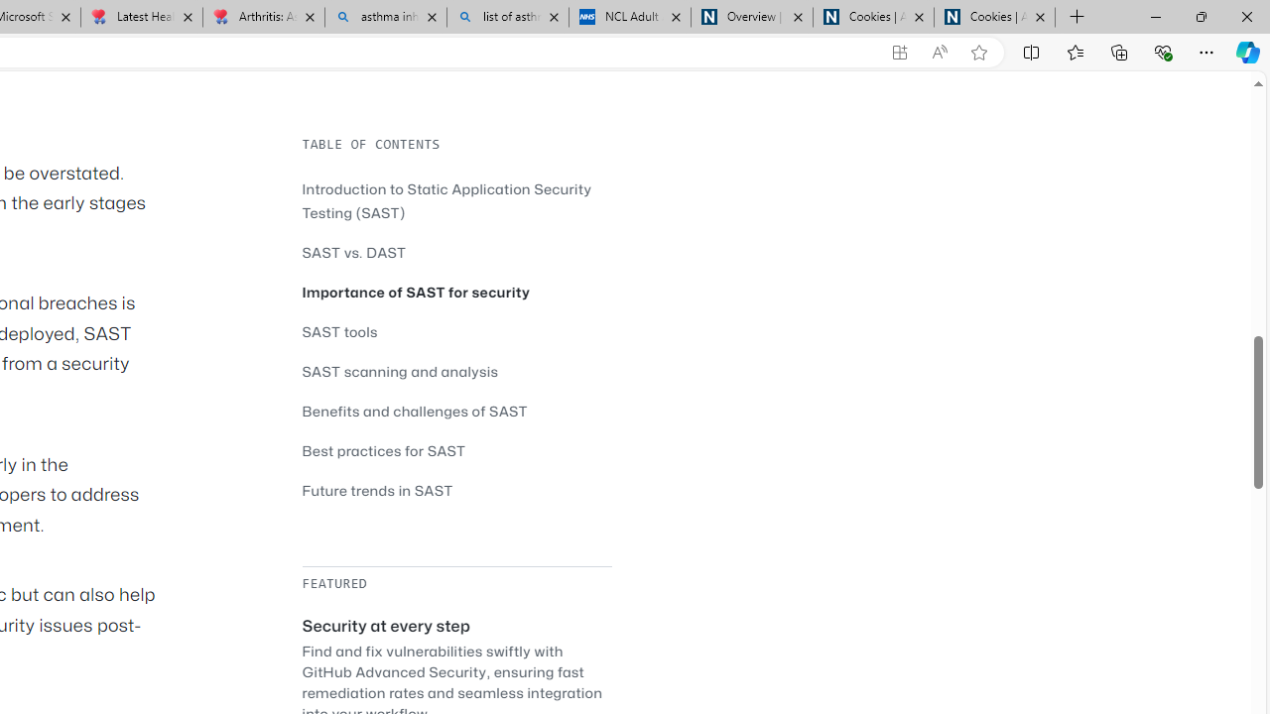  Describe the element at coordinates (415, 292) in the screenshot. I see `'Importance of SAST for security'` at that location.